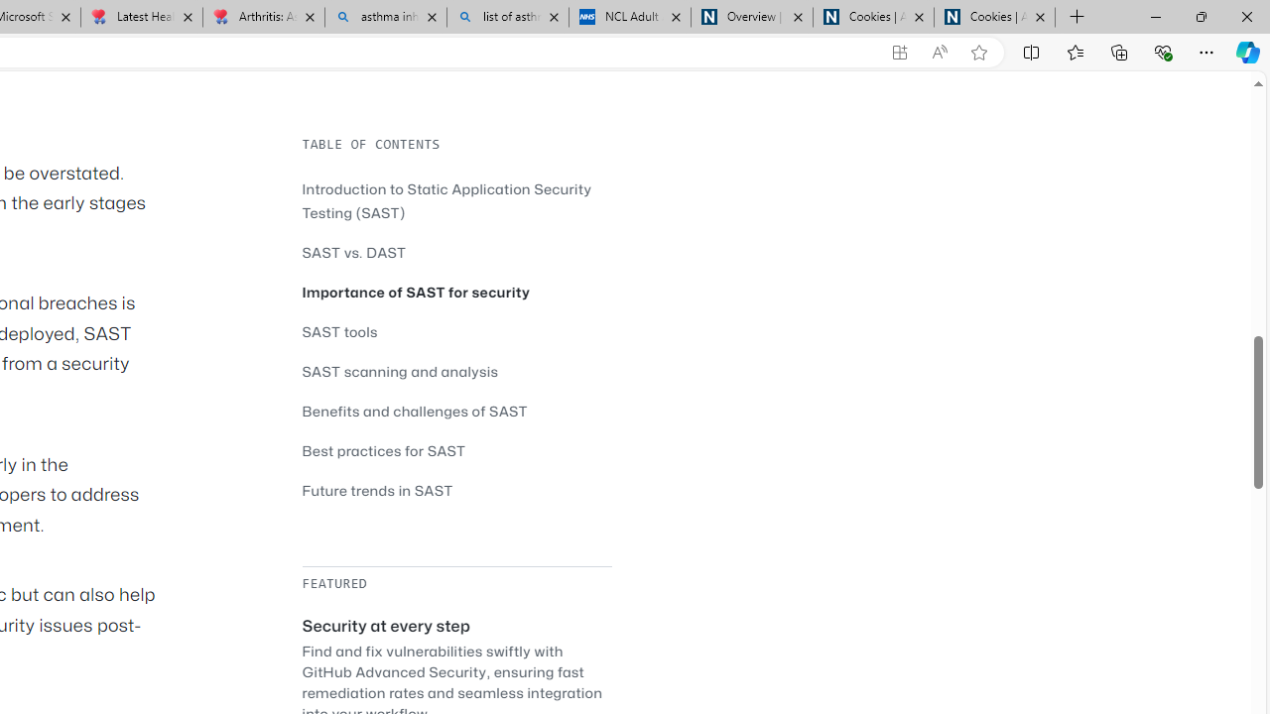  Describe the element at coordinates (415, 292) in the screenshot. I see `'Importance of SAST for security'` at that location.